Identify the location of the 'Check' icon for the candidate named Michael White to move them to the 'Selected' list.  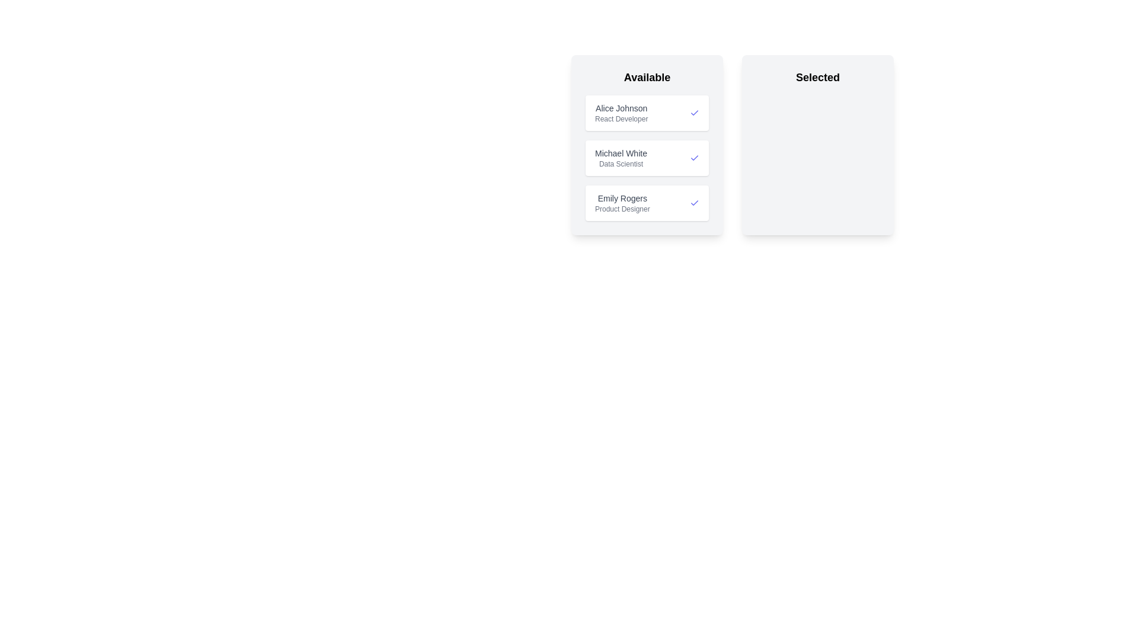
(694, 157).